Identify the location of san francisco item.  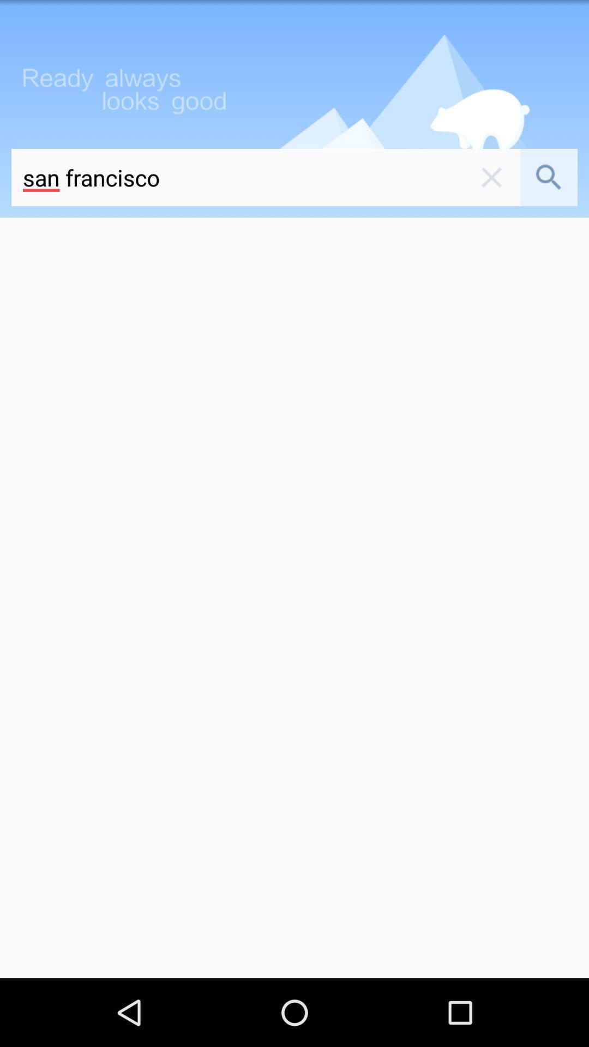
(237, 177).